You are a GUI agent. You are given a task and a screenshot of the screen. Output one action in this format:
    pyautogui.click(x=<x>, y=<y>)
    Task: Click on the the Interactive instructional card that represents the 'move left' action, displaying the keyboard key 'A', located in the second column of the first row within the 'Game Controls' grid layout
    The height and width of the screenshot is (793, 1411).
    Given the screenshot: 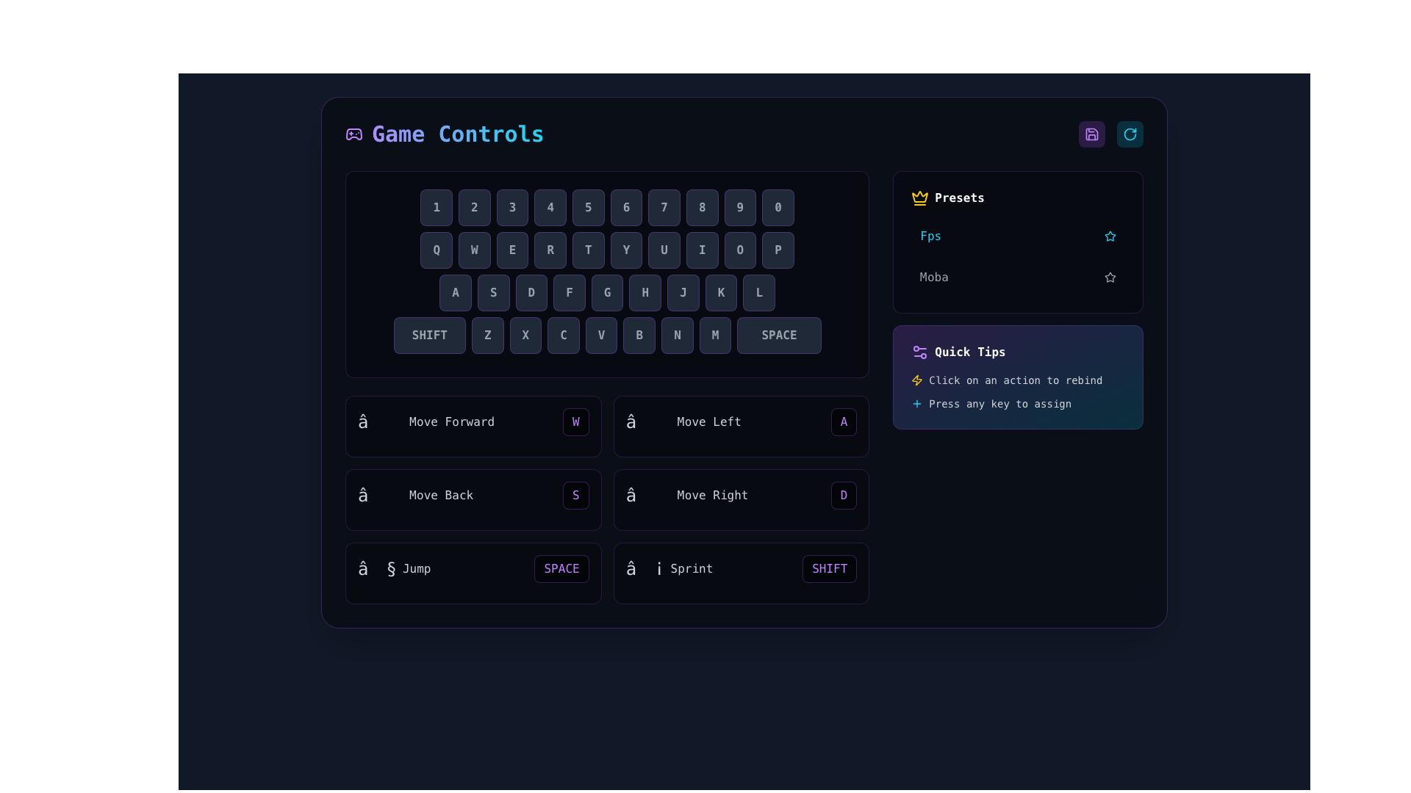 What is the action you would take?
    pyautogui.click(x=741, y=427)
    